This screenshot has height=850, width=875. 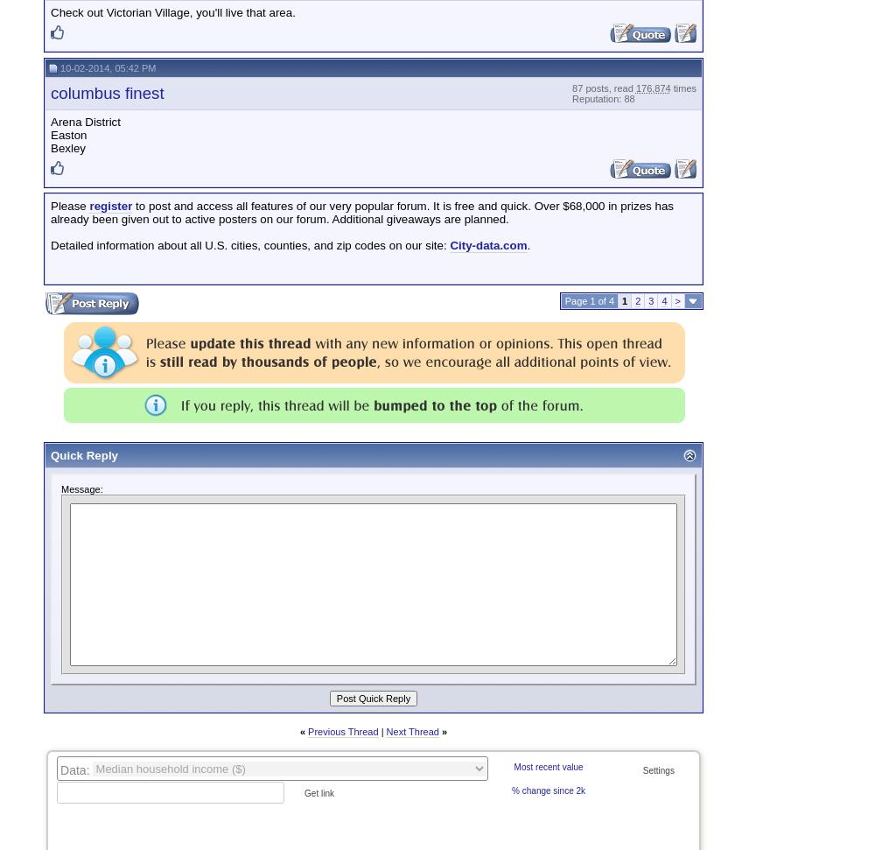 What do you see at coordinates (488, 244) in the screenshot?
I see `'City-data.com'` at bounding box center [488, 244].